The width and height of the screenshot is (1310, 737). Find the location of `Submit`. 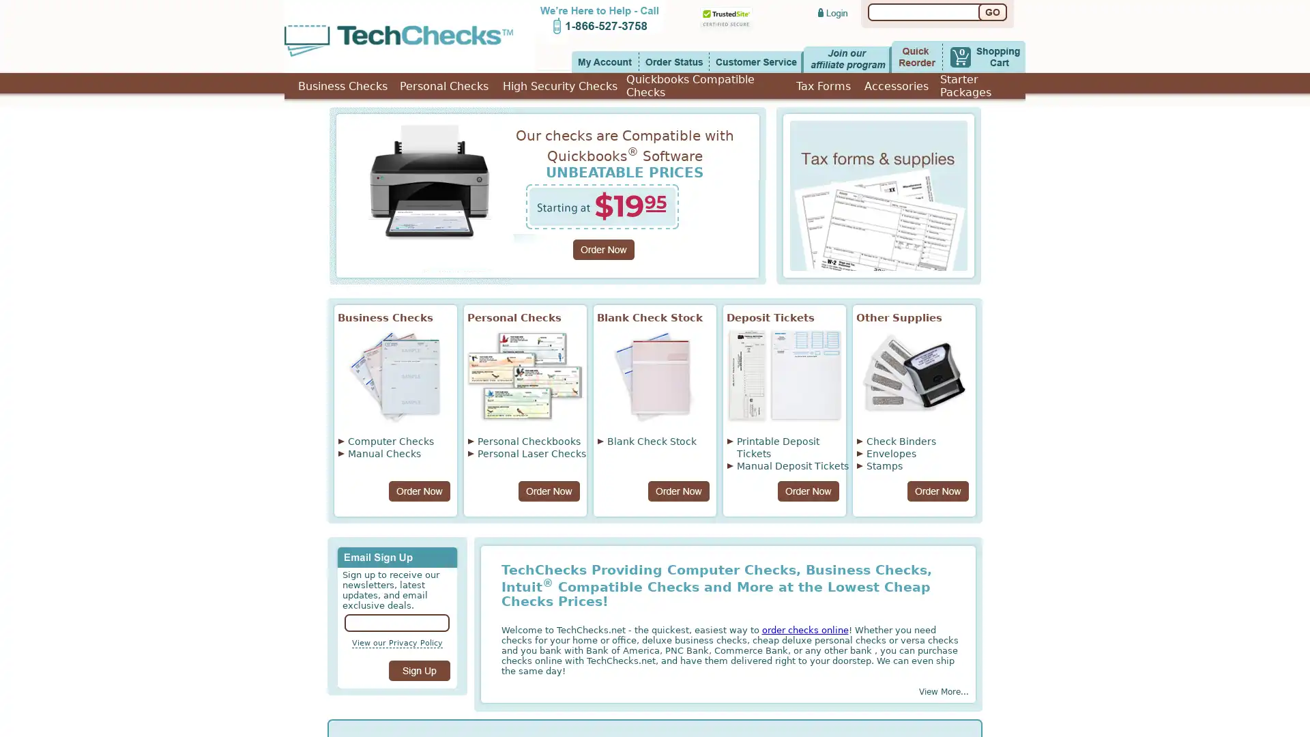

Submit is located at coordinates (992, 12).